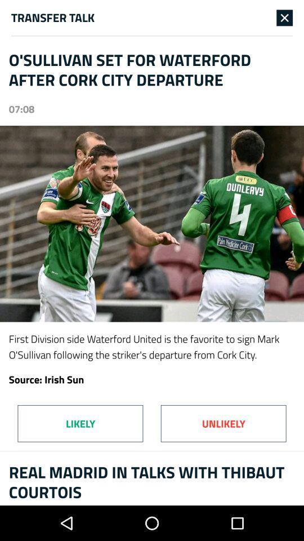 The image size is (304, 541). I want to click on the item below source: irish sun, so click(223, 423).